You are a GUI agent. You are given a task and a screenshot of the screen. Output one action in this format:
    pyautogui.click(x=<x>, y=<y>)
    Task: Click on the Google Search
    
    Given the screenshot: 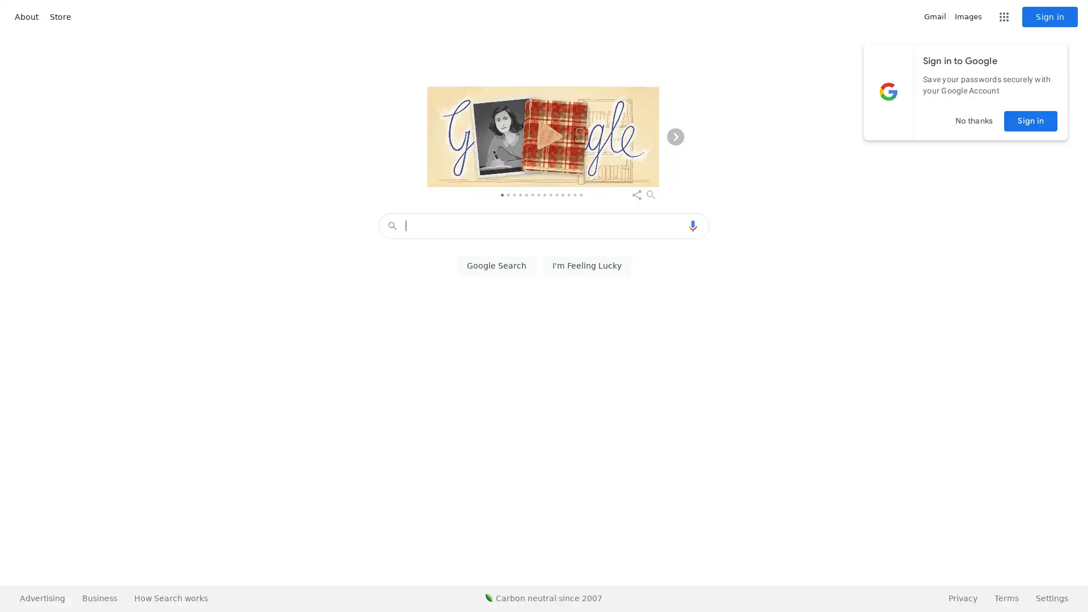 What is the action you would take?
    pyautogui.click(x=496, y=266)
    